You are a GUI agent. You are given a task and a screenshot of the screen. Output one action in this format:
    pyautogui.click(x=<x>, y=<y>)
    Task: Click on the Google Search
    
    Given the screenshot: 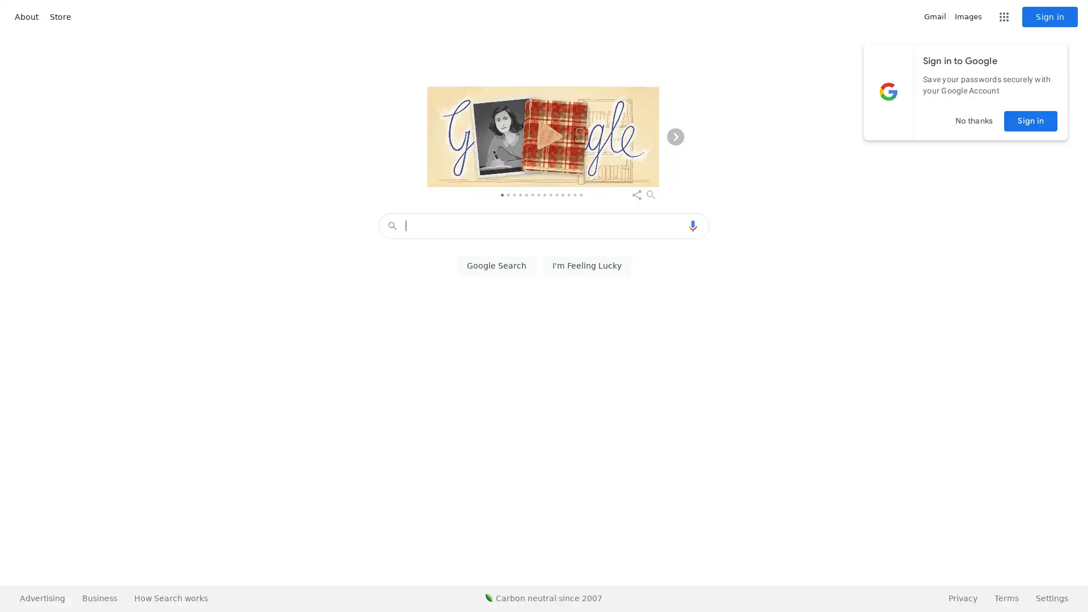 What is the action you would take?
    pyautogui.click(x=496, y=266)
    